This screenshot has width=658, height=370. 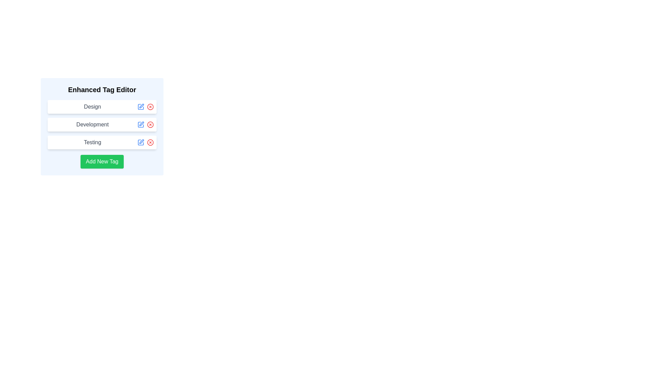 What do you see at coordinates (145, 142) in the screenshot?
I see `the edit button (square with a pen icon) located on the far right side of the 'Testing' row` at bounding box center [145, 142].